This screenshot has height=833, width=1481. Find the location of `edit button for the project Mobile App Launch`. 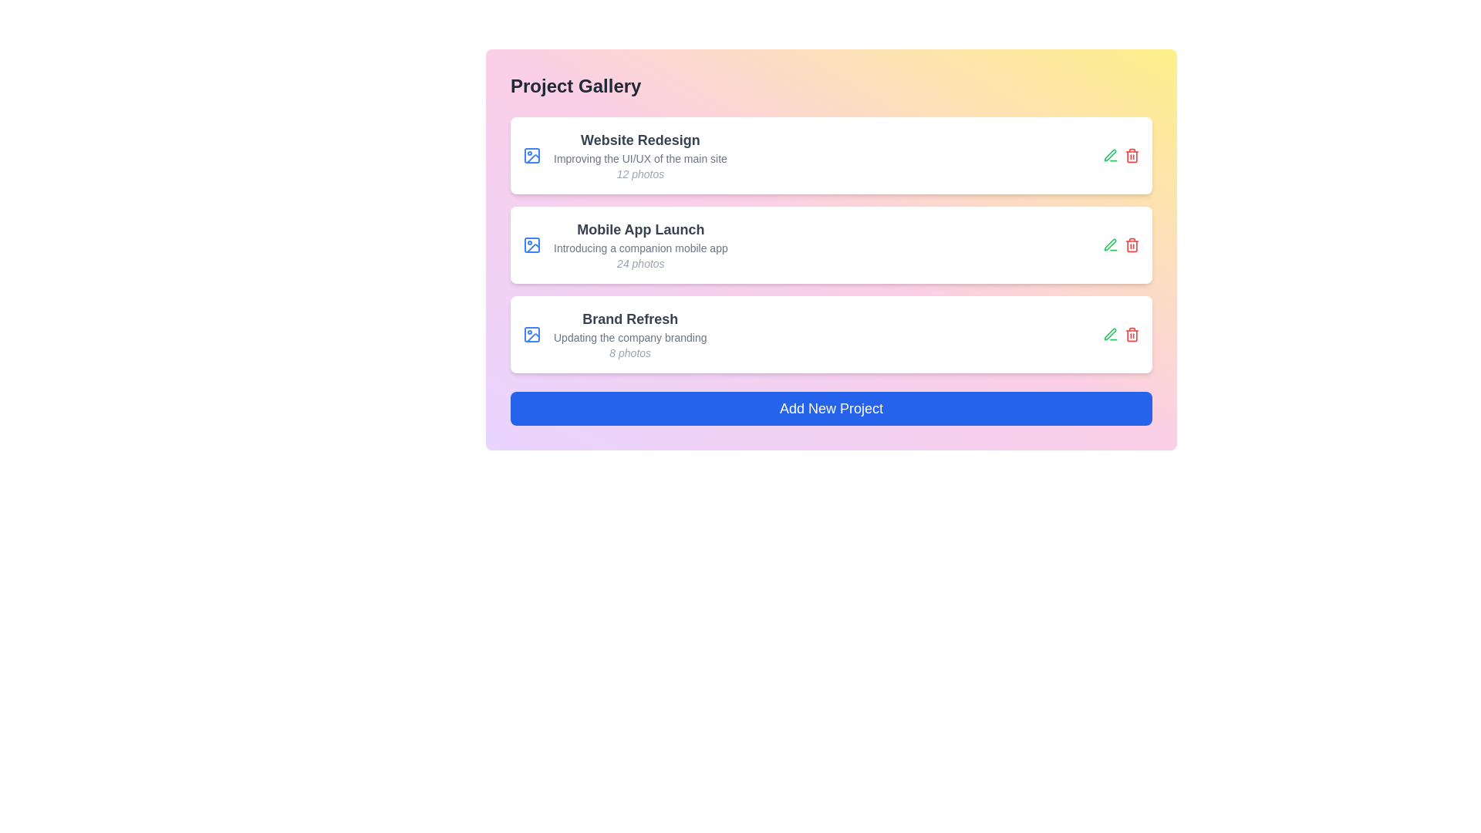

edit button for the project Mobile App Launch is located at coordinates (1111, 244).